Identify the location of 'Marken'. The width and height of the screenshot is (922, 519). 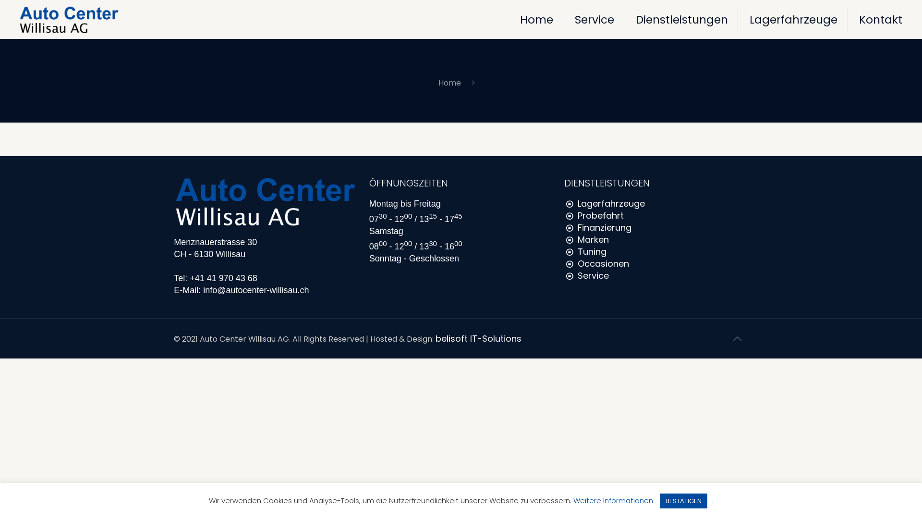
(592, 239).